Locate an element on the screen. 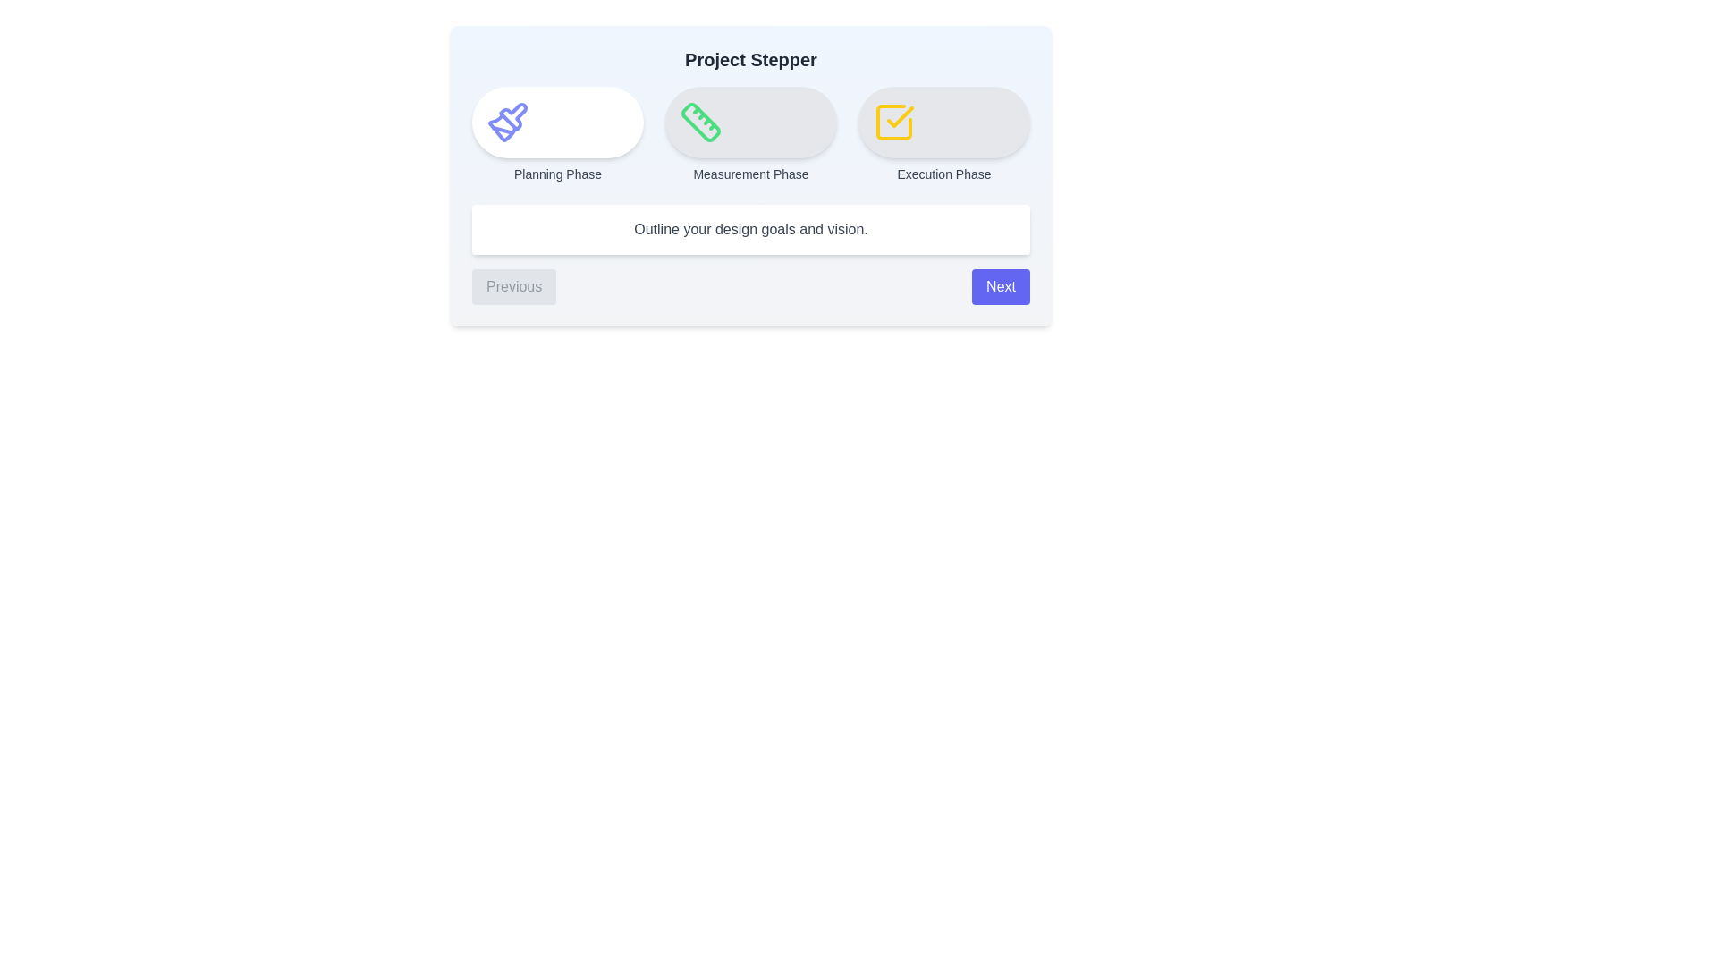 This screenshot has height=966, width=1717. the icon of the current step in the stepper component is located at coordinates (506, 122).